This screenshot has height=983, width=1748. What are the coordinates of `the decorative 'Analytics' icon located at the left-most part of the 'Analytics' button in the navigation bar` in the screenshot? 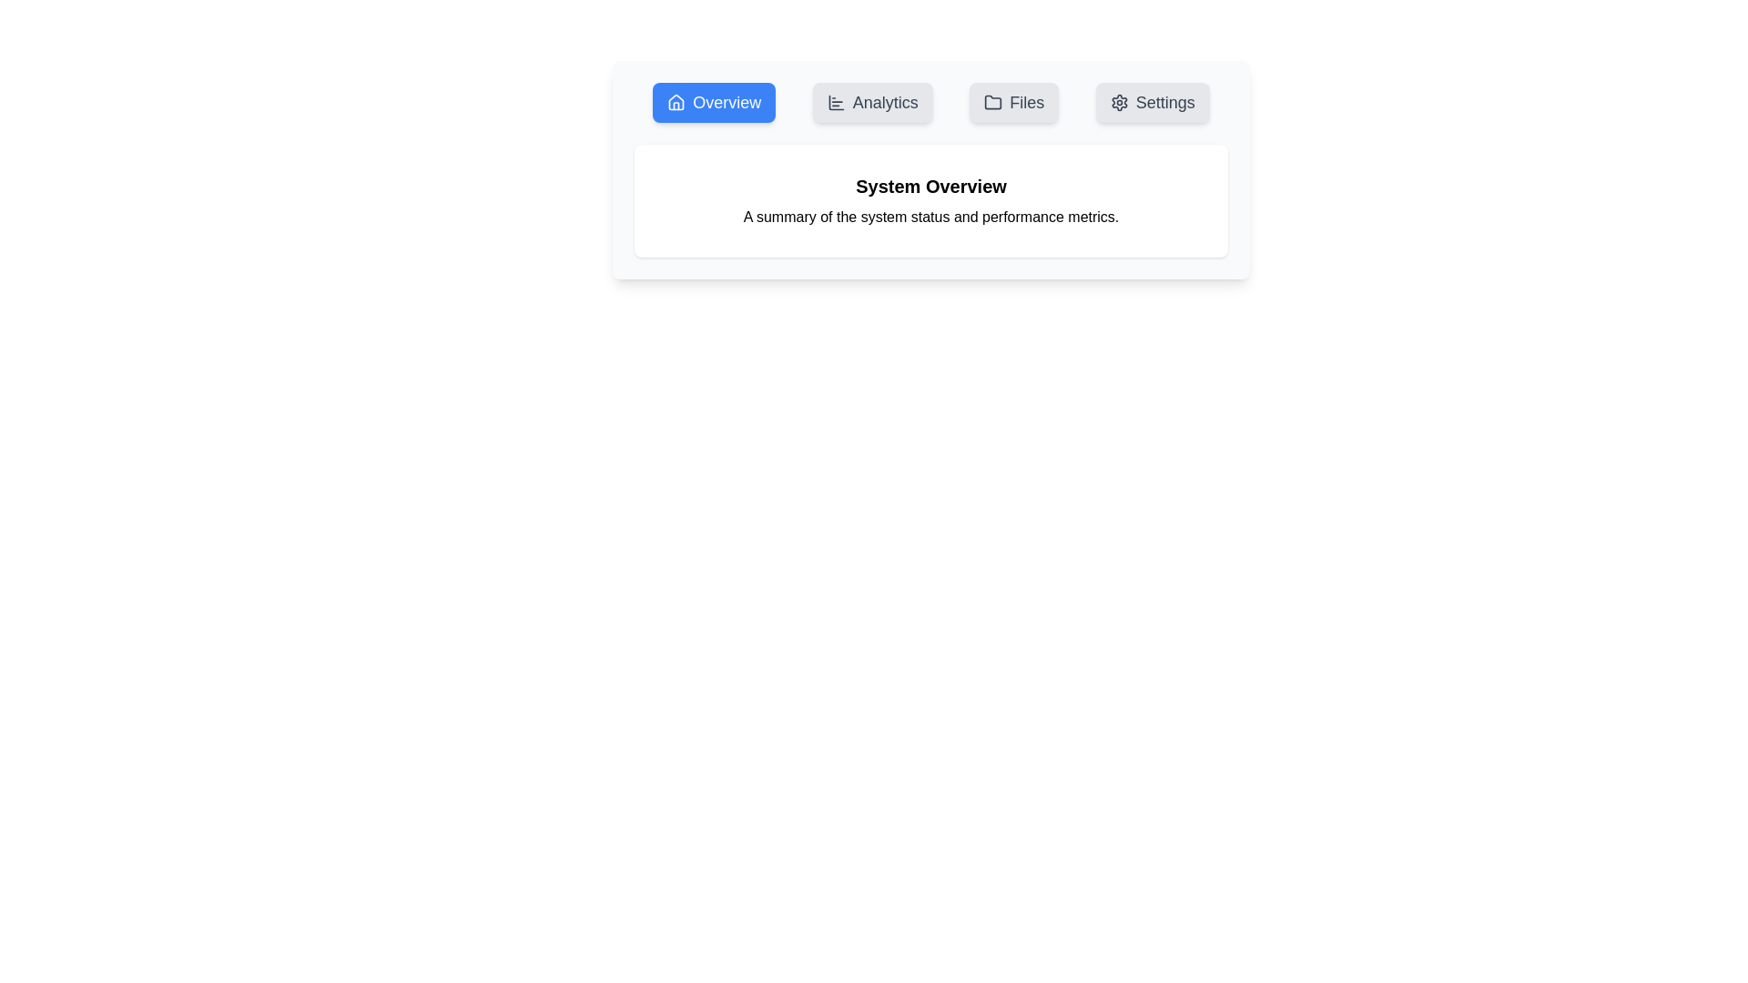 It's located at (835, 102).